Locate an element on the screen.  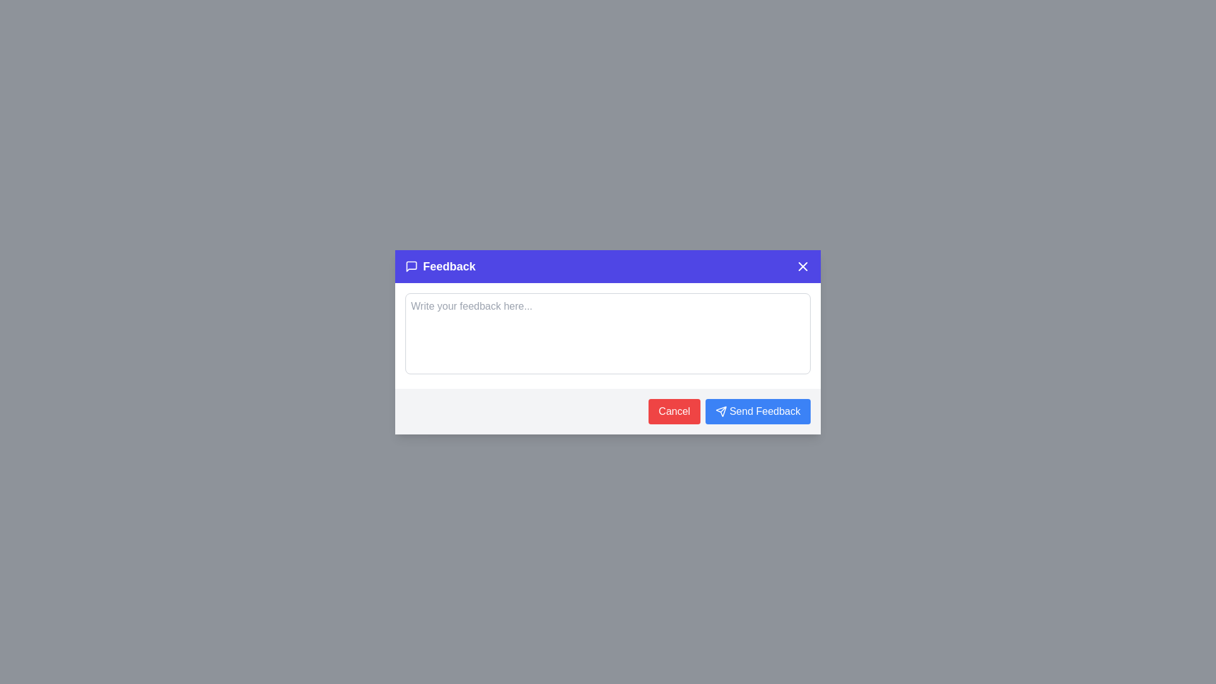
the 'Cancel' button to close the feedback dialog is located at coordinates (674, 412).